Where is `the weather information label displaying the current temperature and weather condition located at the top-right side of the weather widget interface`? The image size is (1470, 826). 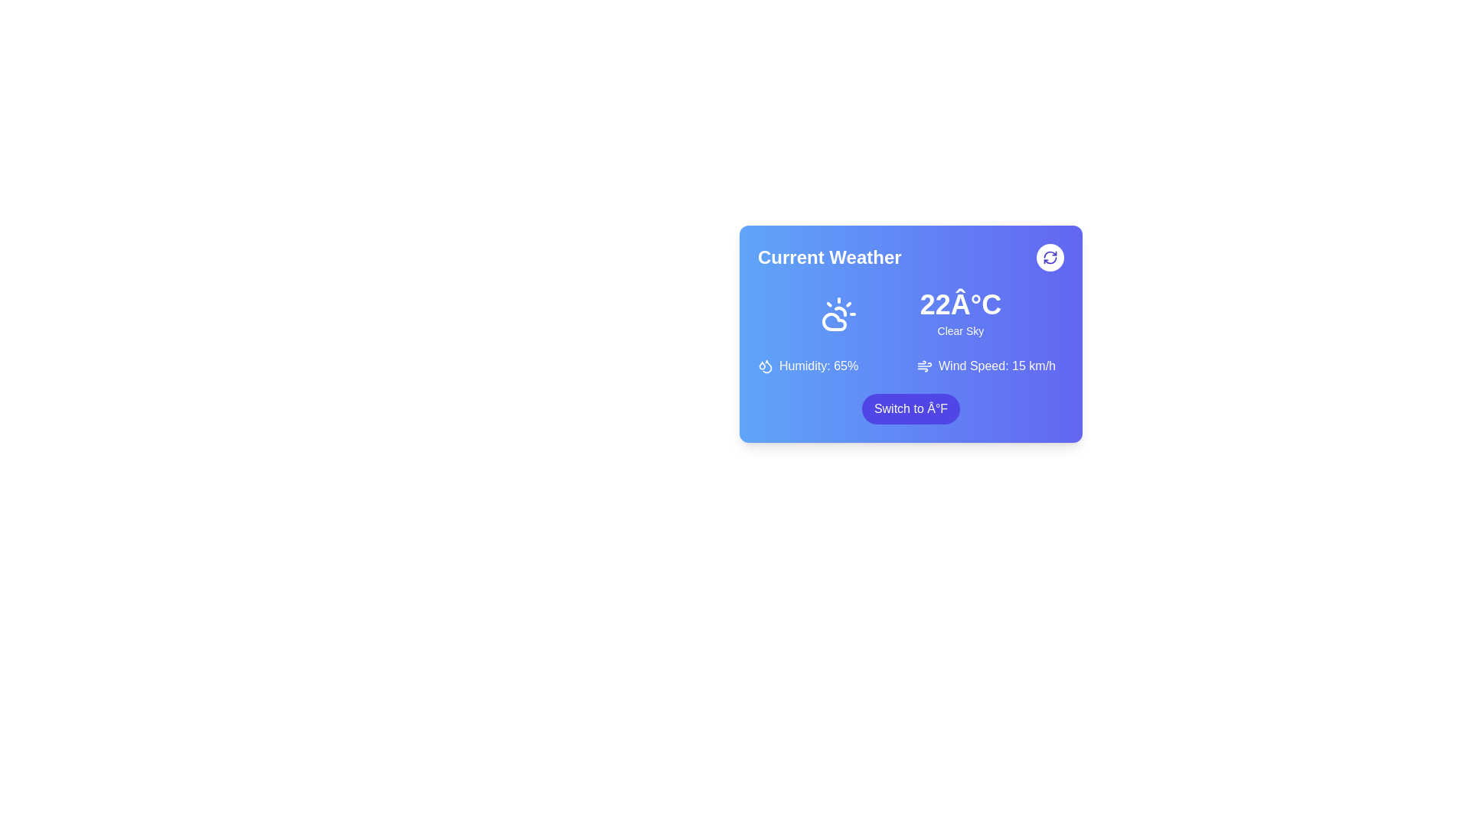 the weather information label displaying the current temperature and weather condition located at the top-right side of the weather widget interface is located at coordinates (959, 314).